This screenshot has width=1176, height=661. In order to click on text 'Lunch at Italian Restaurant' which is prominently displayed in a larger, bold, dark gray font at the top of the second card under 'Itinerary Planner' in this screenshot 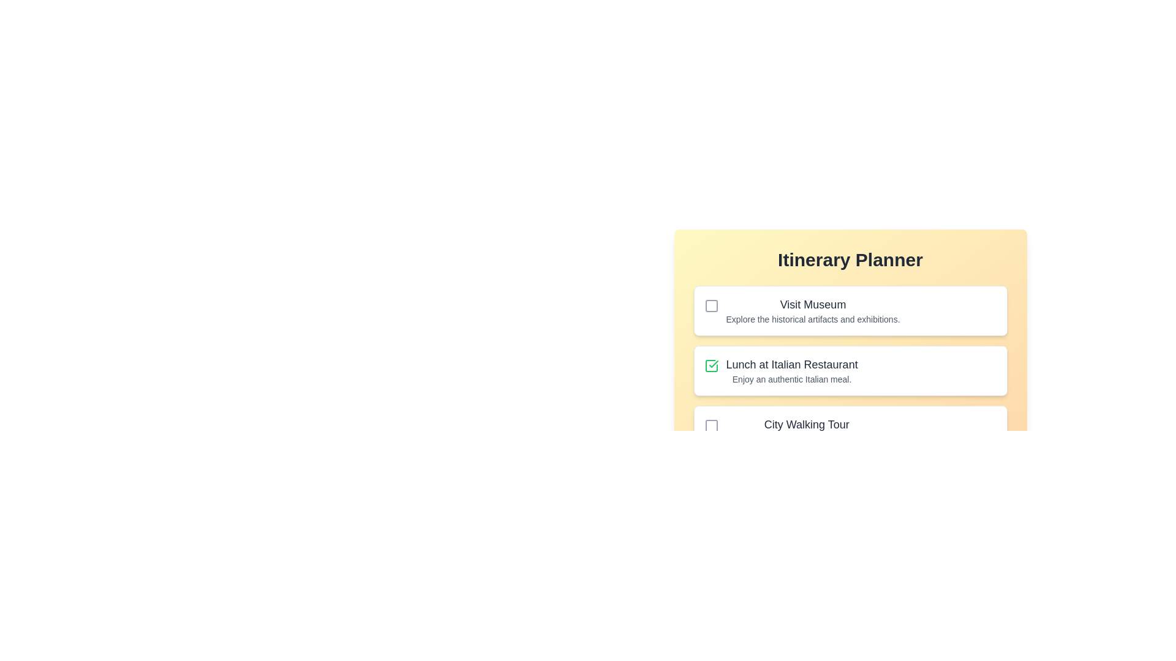, I will do `click(792, 364)`.